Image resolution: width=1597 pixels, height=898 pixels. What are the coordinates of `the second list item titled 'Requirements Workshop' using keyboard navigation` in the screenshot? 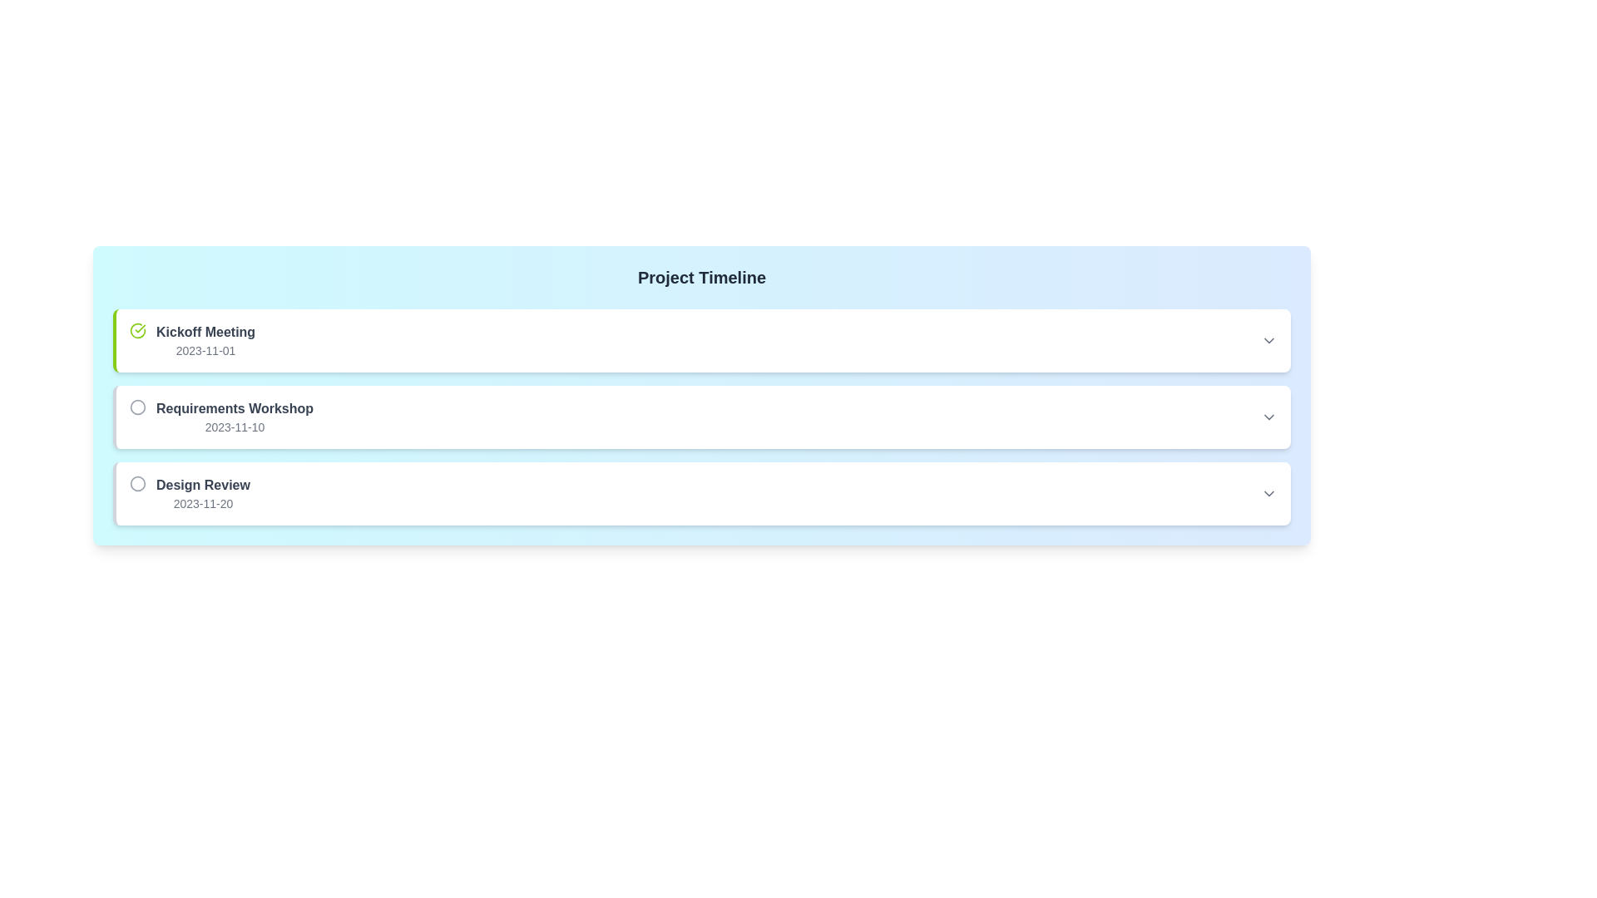 It's located at (220, 416).